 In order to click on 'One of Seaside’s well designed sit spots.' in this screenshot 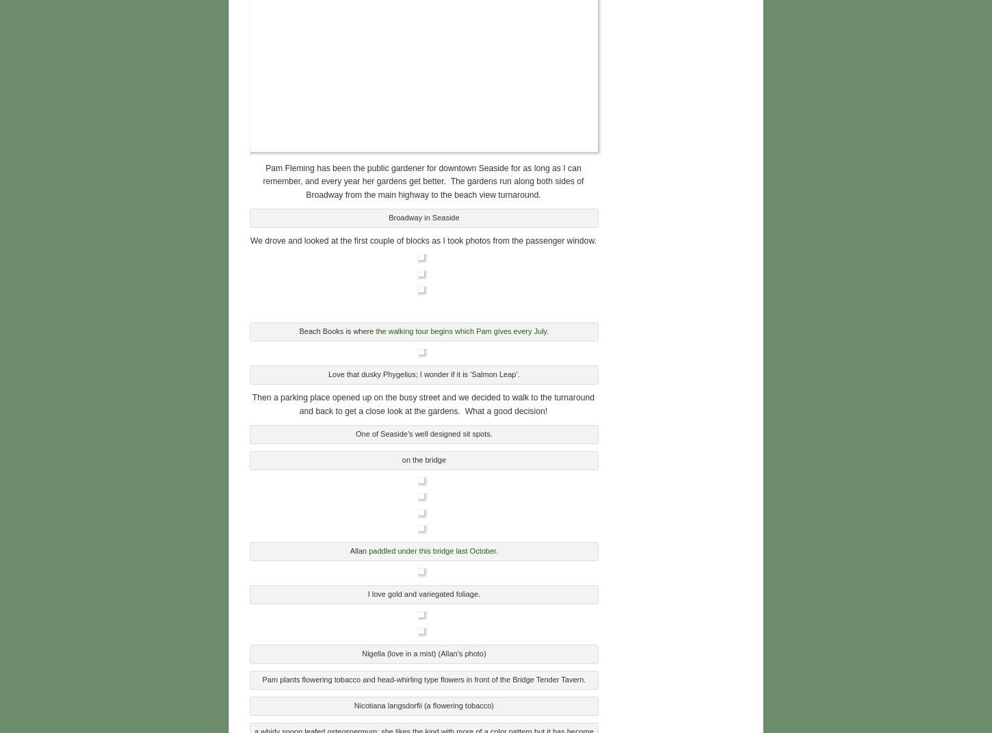, I will do `click(423, 431)`.